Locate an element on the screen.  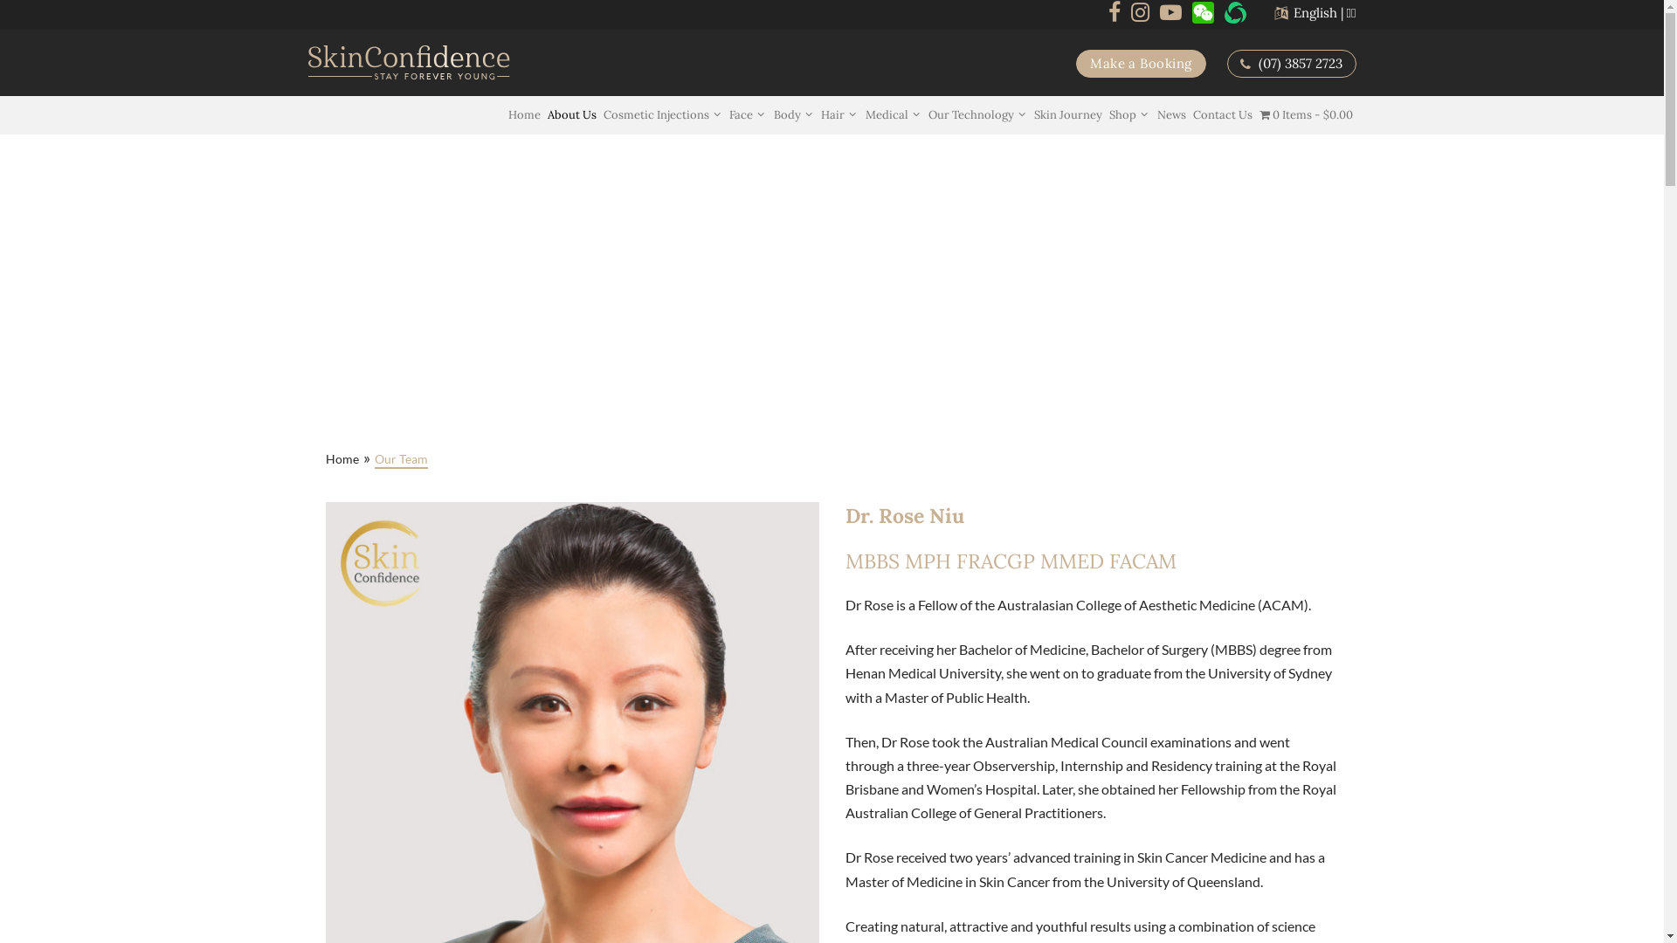
'Contact Us' is located at coordinates (1222, 114).